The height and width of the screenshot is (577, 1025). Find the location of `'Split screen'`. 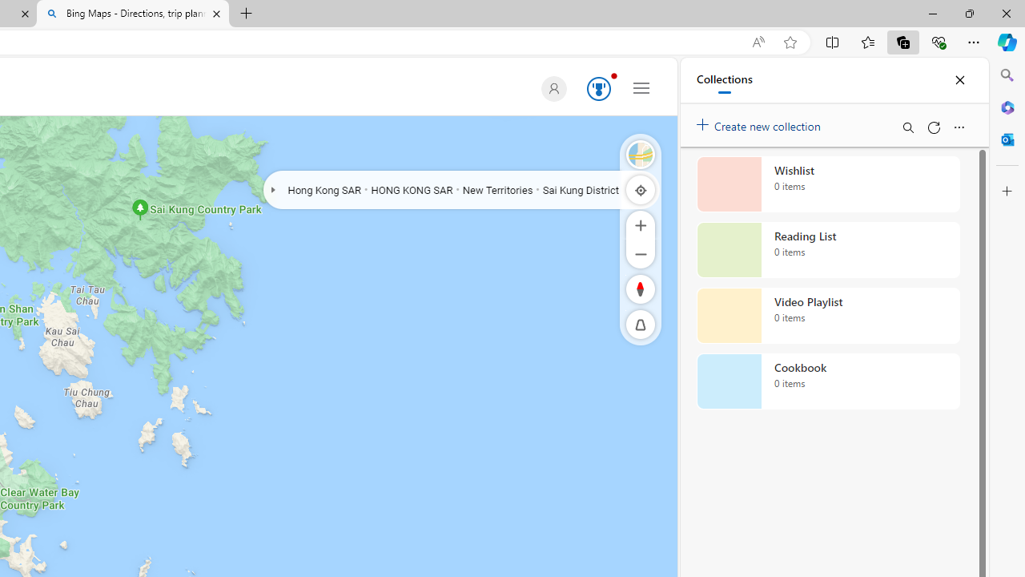

'Split screen' is located at coordinates (833, 41).